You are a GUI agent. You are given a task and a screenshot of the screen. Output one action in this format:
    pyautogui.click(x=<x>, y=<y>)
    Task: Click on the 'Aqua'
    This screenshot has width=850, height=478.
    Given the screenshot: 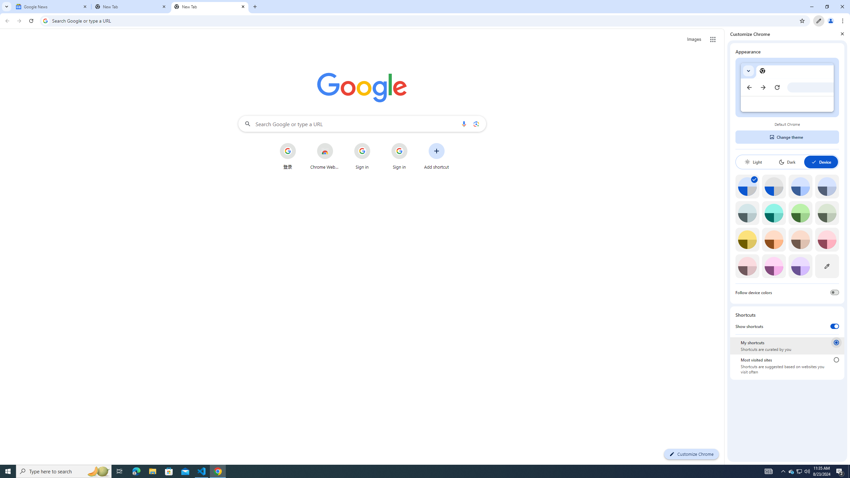 What is the action you would take?
    pyautogui.click(x=773, y=213)
    